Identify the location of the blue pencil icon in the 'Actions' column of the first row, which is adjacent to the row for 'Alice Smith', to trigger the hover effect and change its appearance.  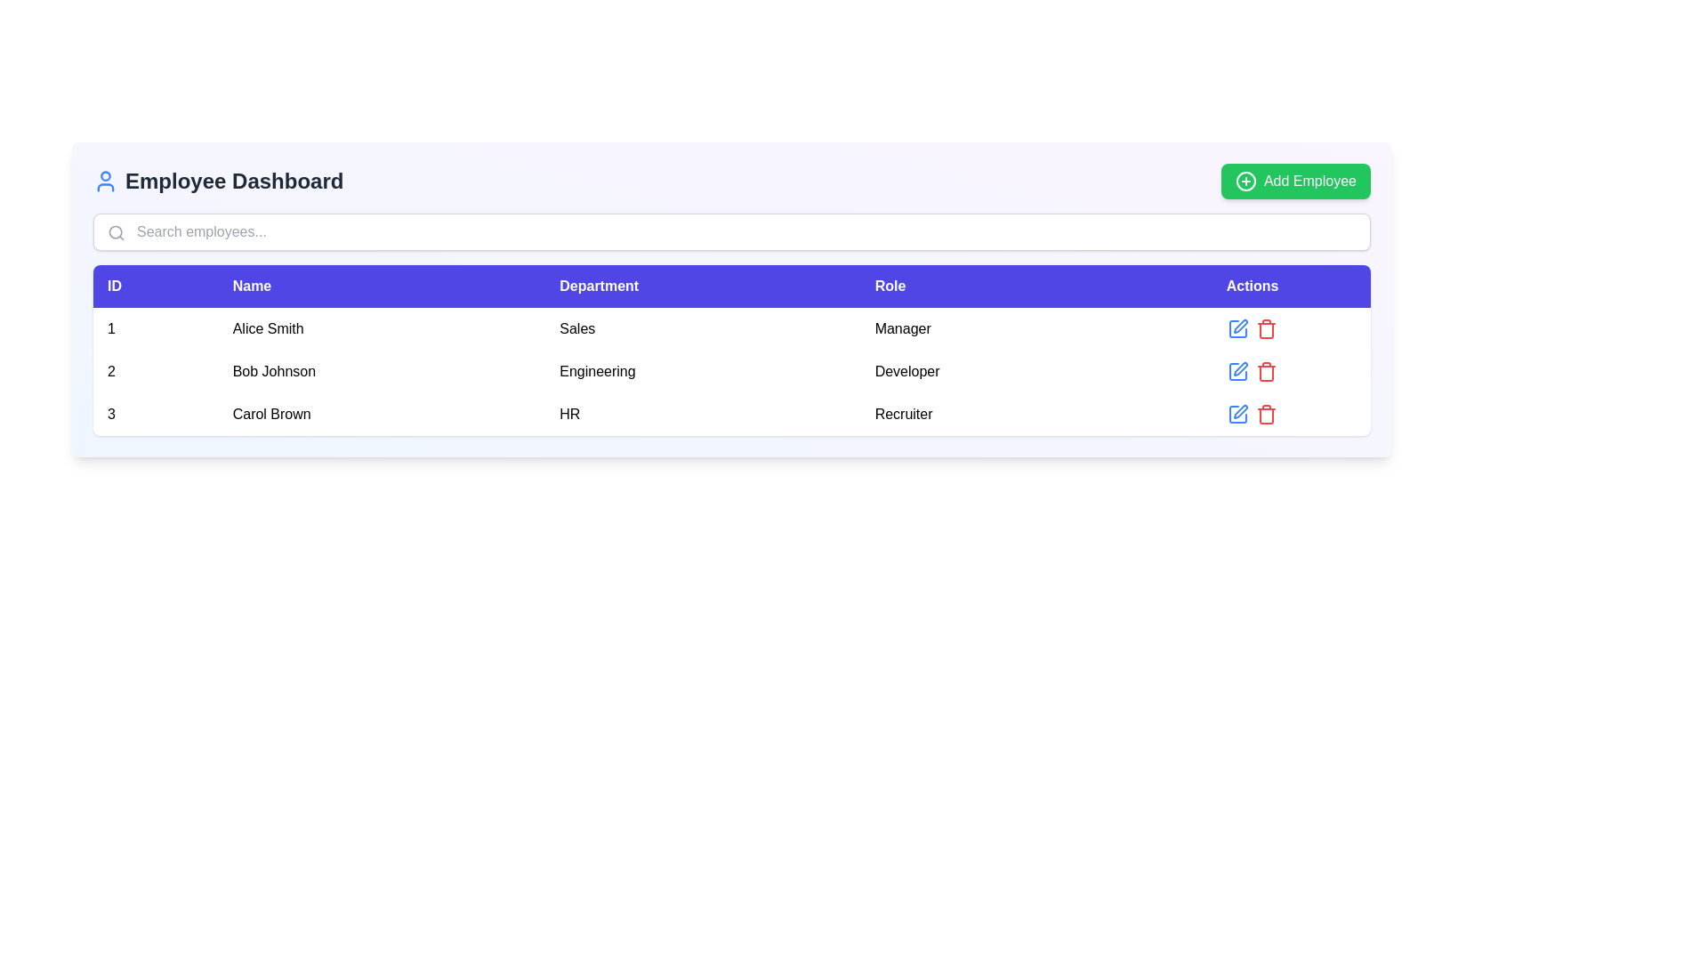
(1237, 329).